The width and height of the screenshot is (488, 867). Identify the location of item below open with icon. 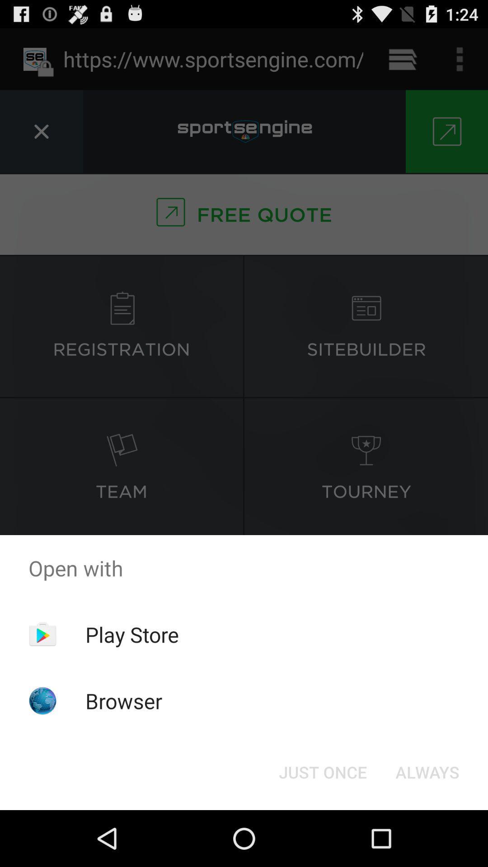
(322, 771).